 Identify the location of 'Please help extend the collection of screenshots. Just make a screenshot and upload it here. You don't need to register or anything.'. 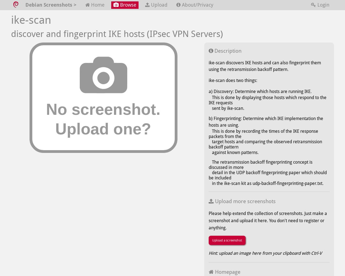
(267, 221).